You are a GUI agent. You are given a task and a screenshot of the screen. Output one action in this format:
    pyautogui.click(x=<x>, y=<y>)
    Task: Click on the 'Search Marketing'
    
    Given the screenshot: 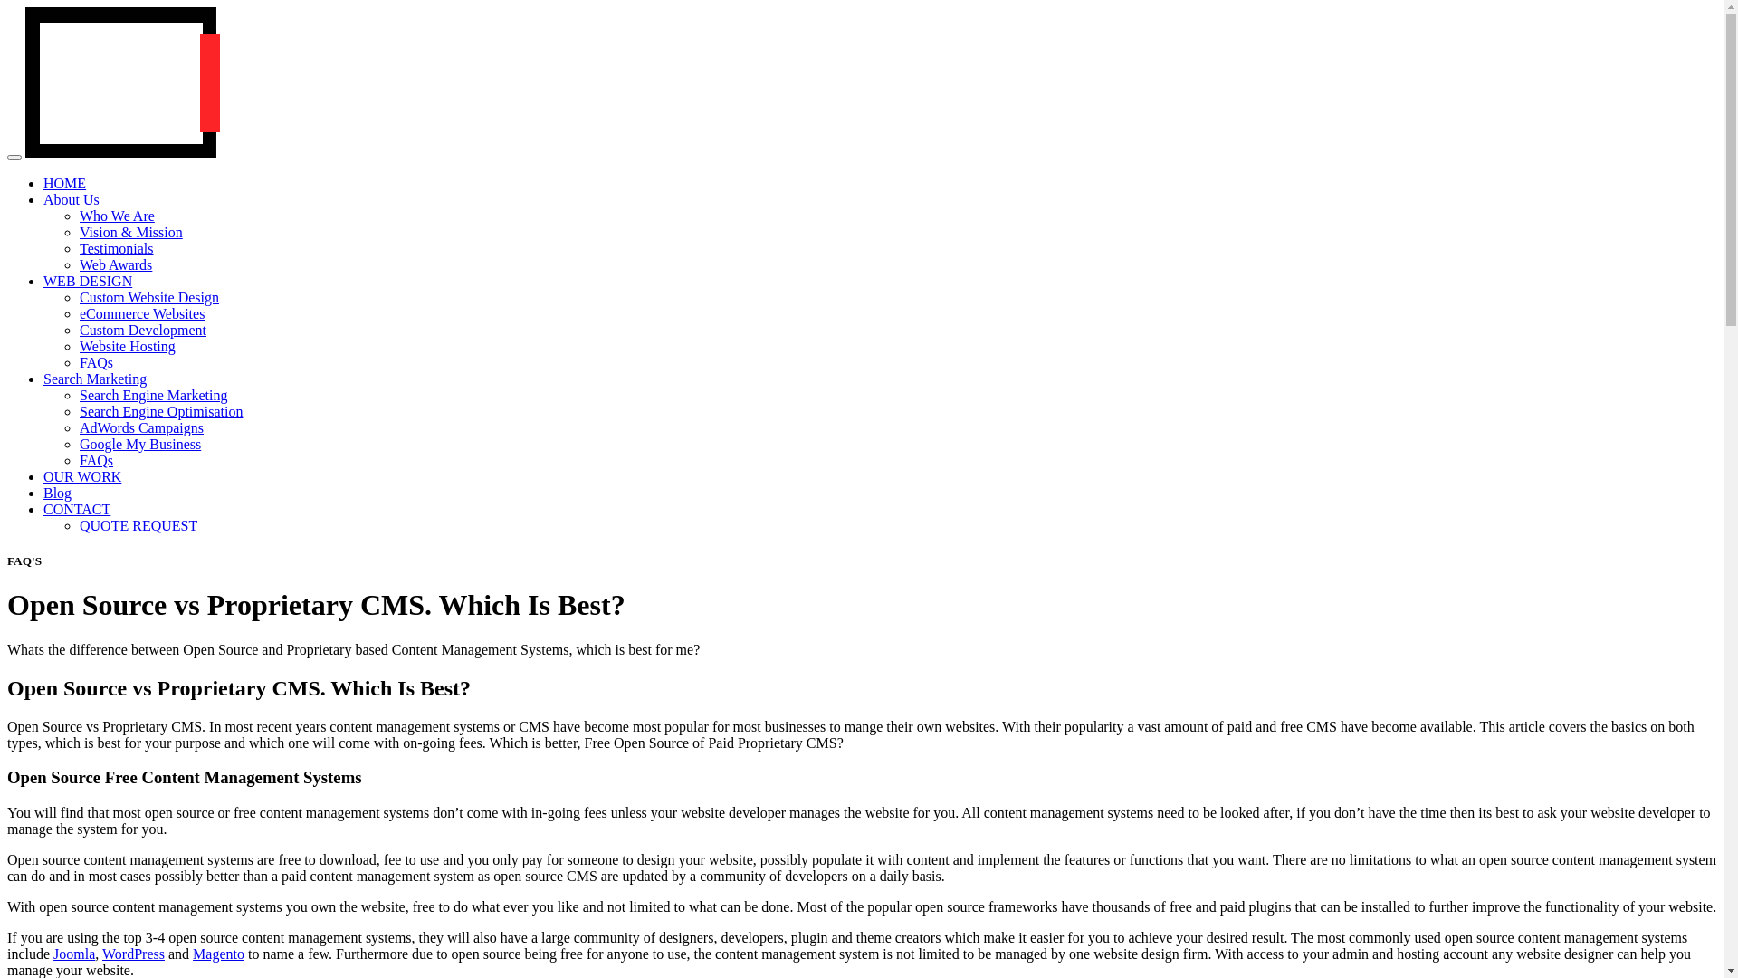 What is the action you would take?
    pyautogui.click(x=94, y=378)
    